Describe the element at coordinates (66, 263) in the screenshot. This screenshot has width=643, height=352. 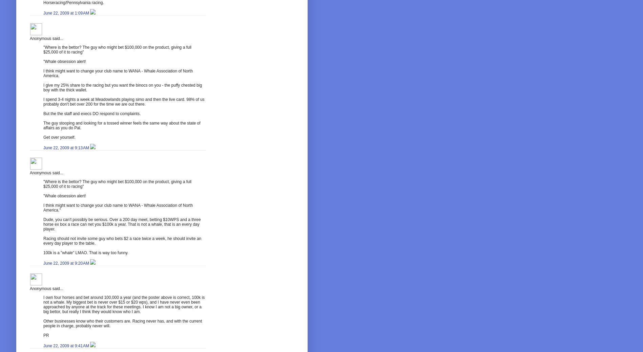
I see `'June 22, 2009 at 9:20 AM'` at that location.